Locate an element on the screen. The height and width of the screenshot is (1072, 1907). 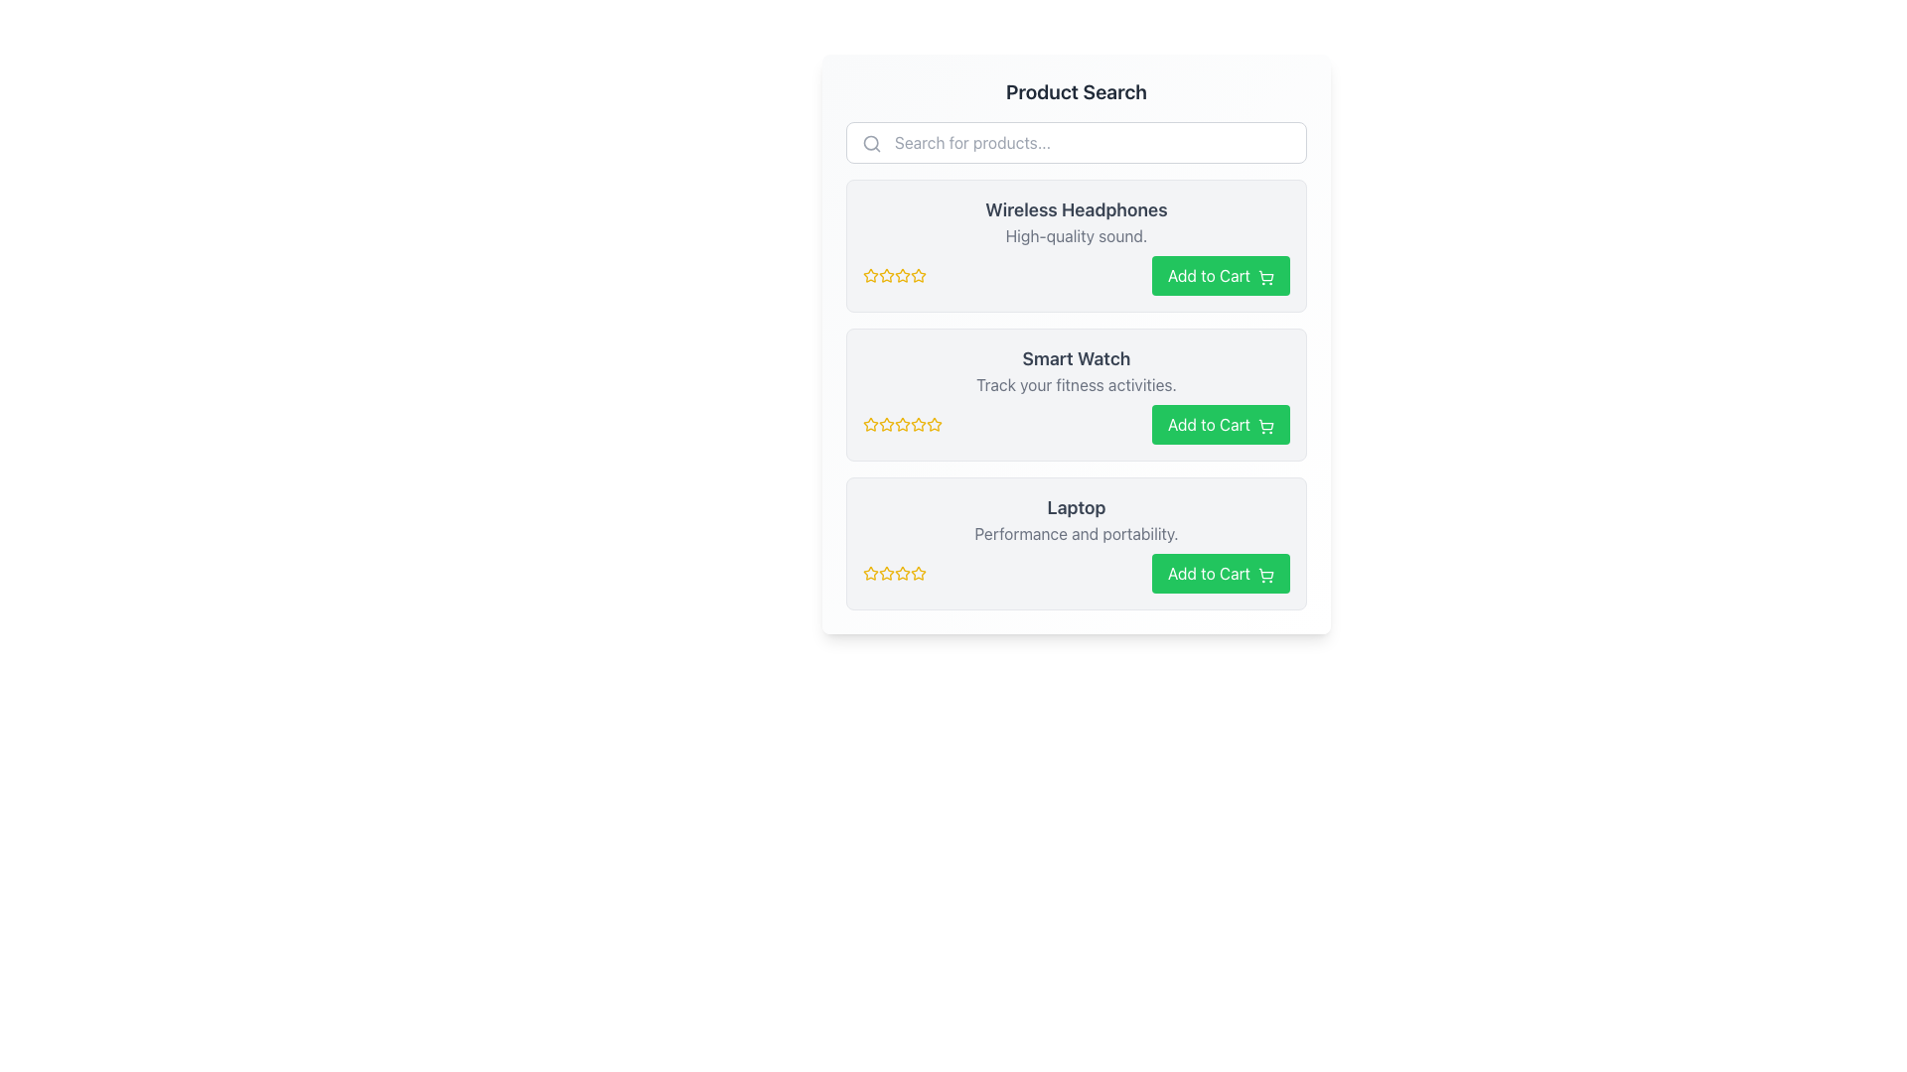
the second yellow star-shaped rating icon in the rating component of the 'Laptop' product is located at coordinates (871, 574).